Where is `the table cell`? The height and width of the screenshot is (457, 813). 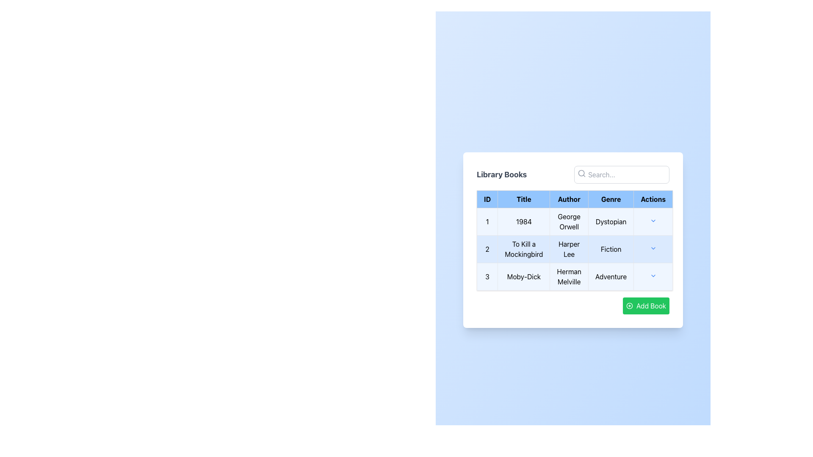 the table cell is located at coordinates (575, 240).